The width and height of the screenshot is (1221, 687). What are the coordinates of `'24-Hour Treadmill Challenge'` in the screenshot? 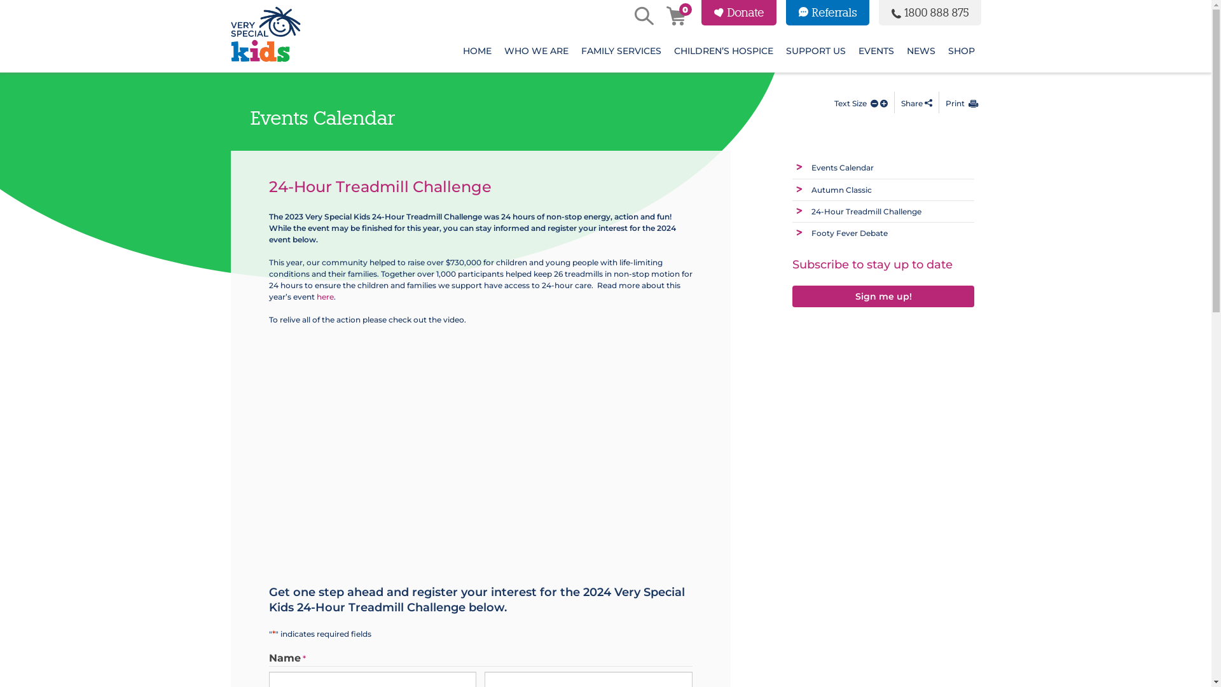 It's located at (811, 211).